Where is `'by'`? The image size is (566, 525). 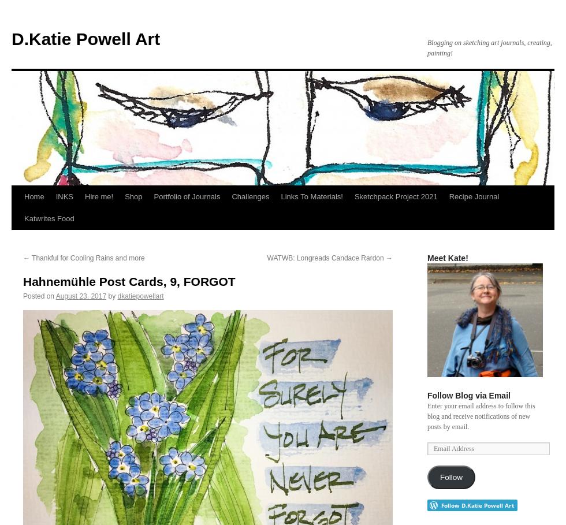 'by' is located at coordinates (111, 296).